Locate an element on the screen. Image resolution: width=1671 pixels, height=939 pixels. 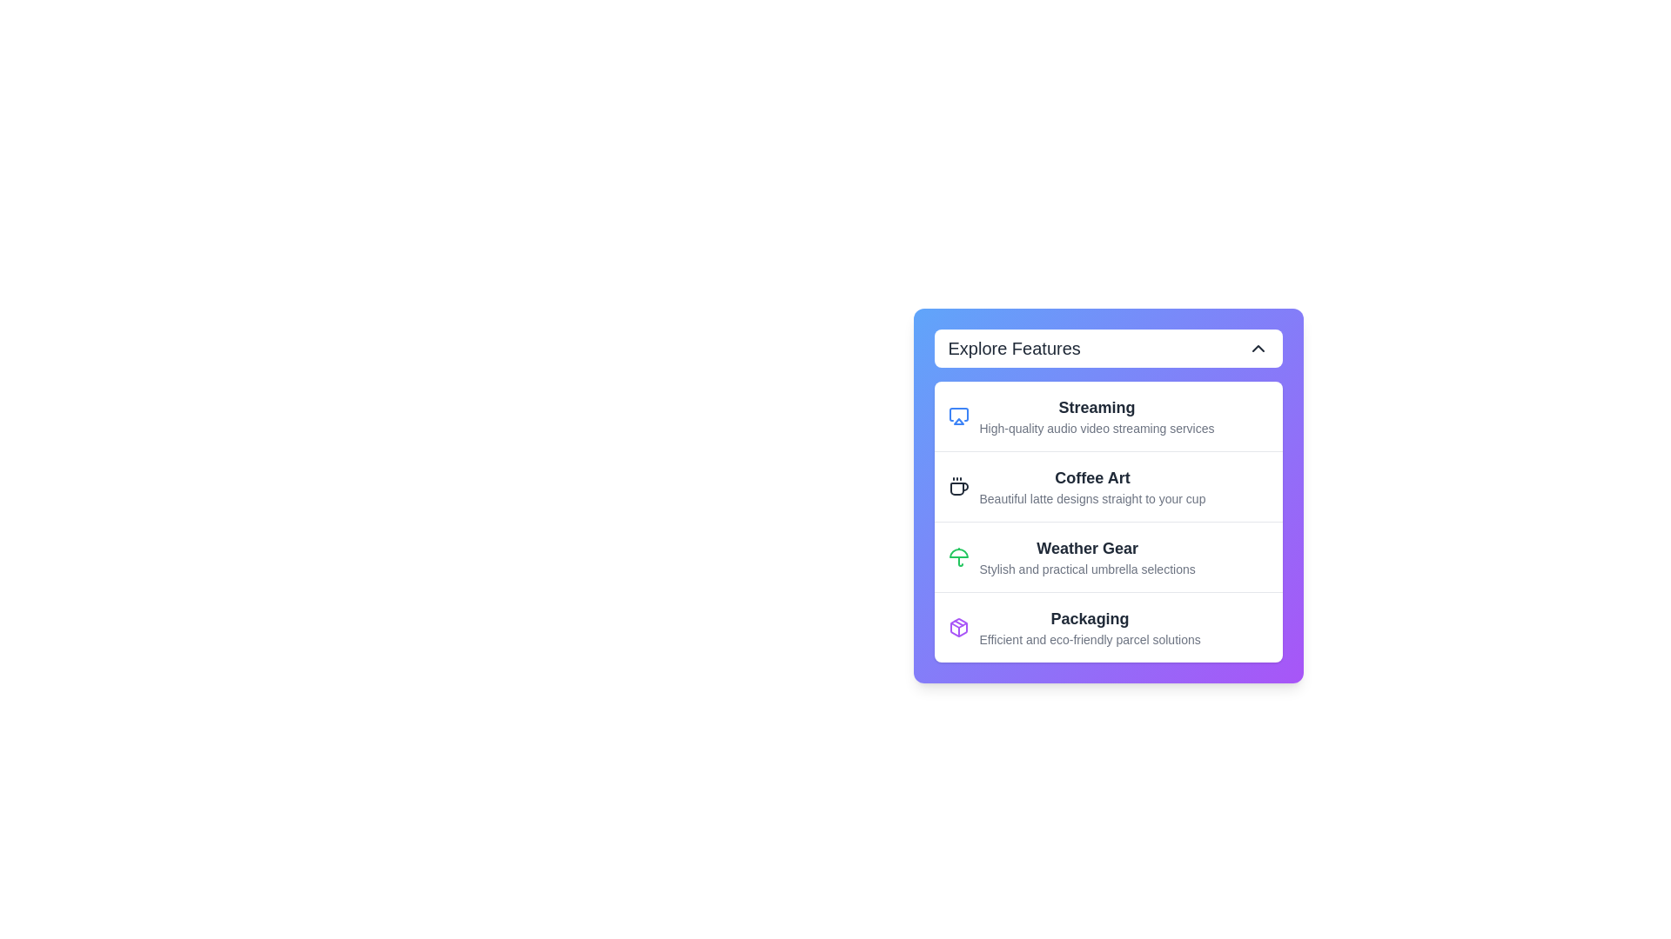
information conveyed by the text label titled 'Streaming' with subtitle 'High-quality audio video streaming services', which is the first item in the 'Explore Features' section is located at coordinates (1096, 416).